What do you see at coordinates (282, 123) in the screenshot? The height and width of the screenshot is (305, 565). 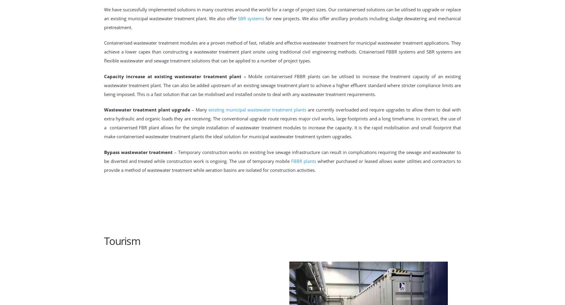 I see `'are currently overloaded and require upgrades to allow them to deal with extra hydraulic and organic loads they are receiving. The conventional upgrade route requires major civil works, large footprints and a long timeframe. In contract, the use of a  containerised FBR plant allows for the simple installation of wastewater treatment modules to increase the capacity. It is the rapid mobilisation and small footprint that make containerised wastewater treatment plants the ideal solution for municipal wastewater treatment system upgrades.'` at bounding box center [282, 123].